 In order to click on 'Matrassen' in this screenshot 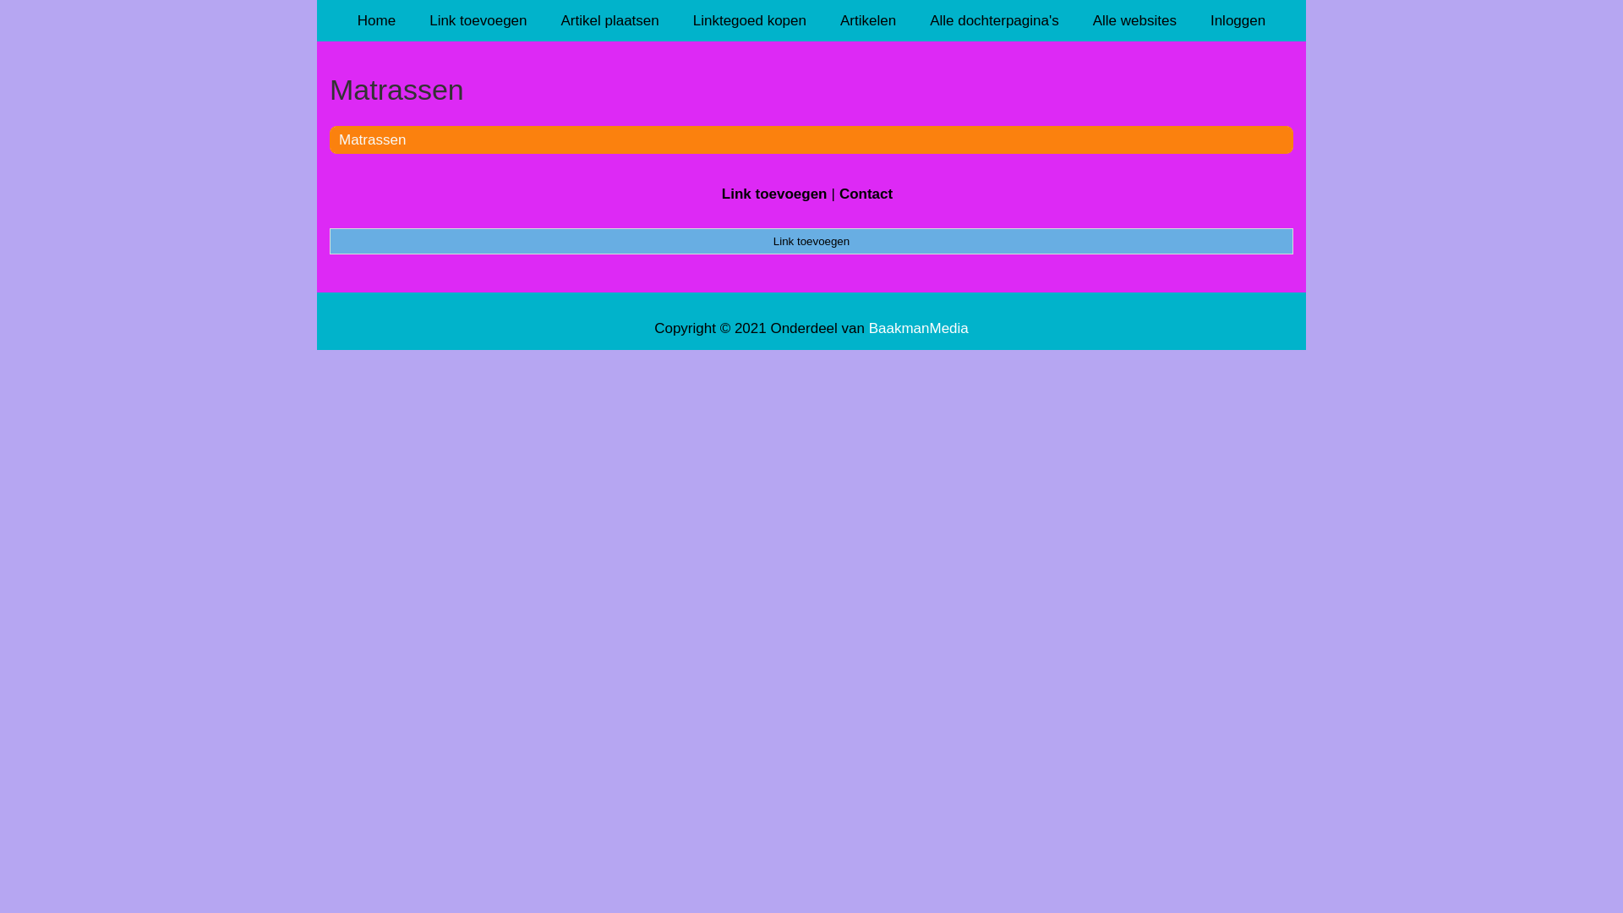, I will do `click(371, 139)`.